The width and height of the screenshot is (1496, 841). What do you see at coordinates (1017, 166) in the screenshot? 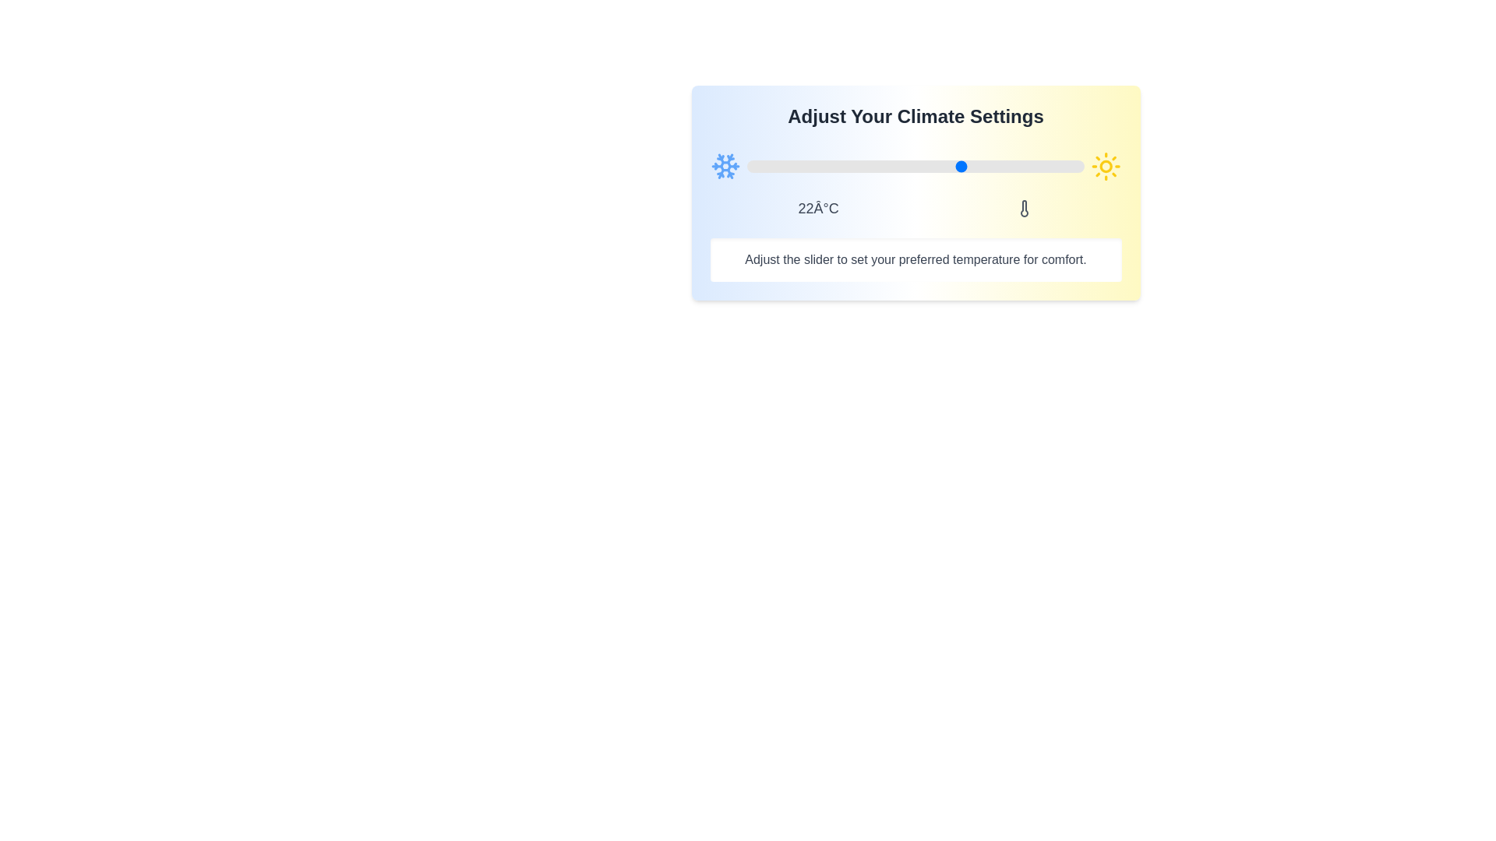
I see `the slider to set the temperature to 30°C` at bounding box center [1017, 166].